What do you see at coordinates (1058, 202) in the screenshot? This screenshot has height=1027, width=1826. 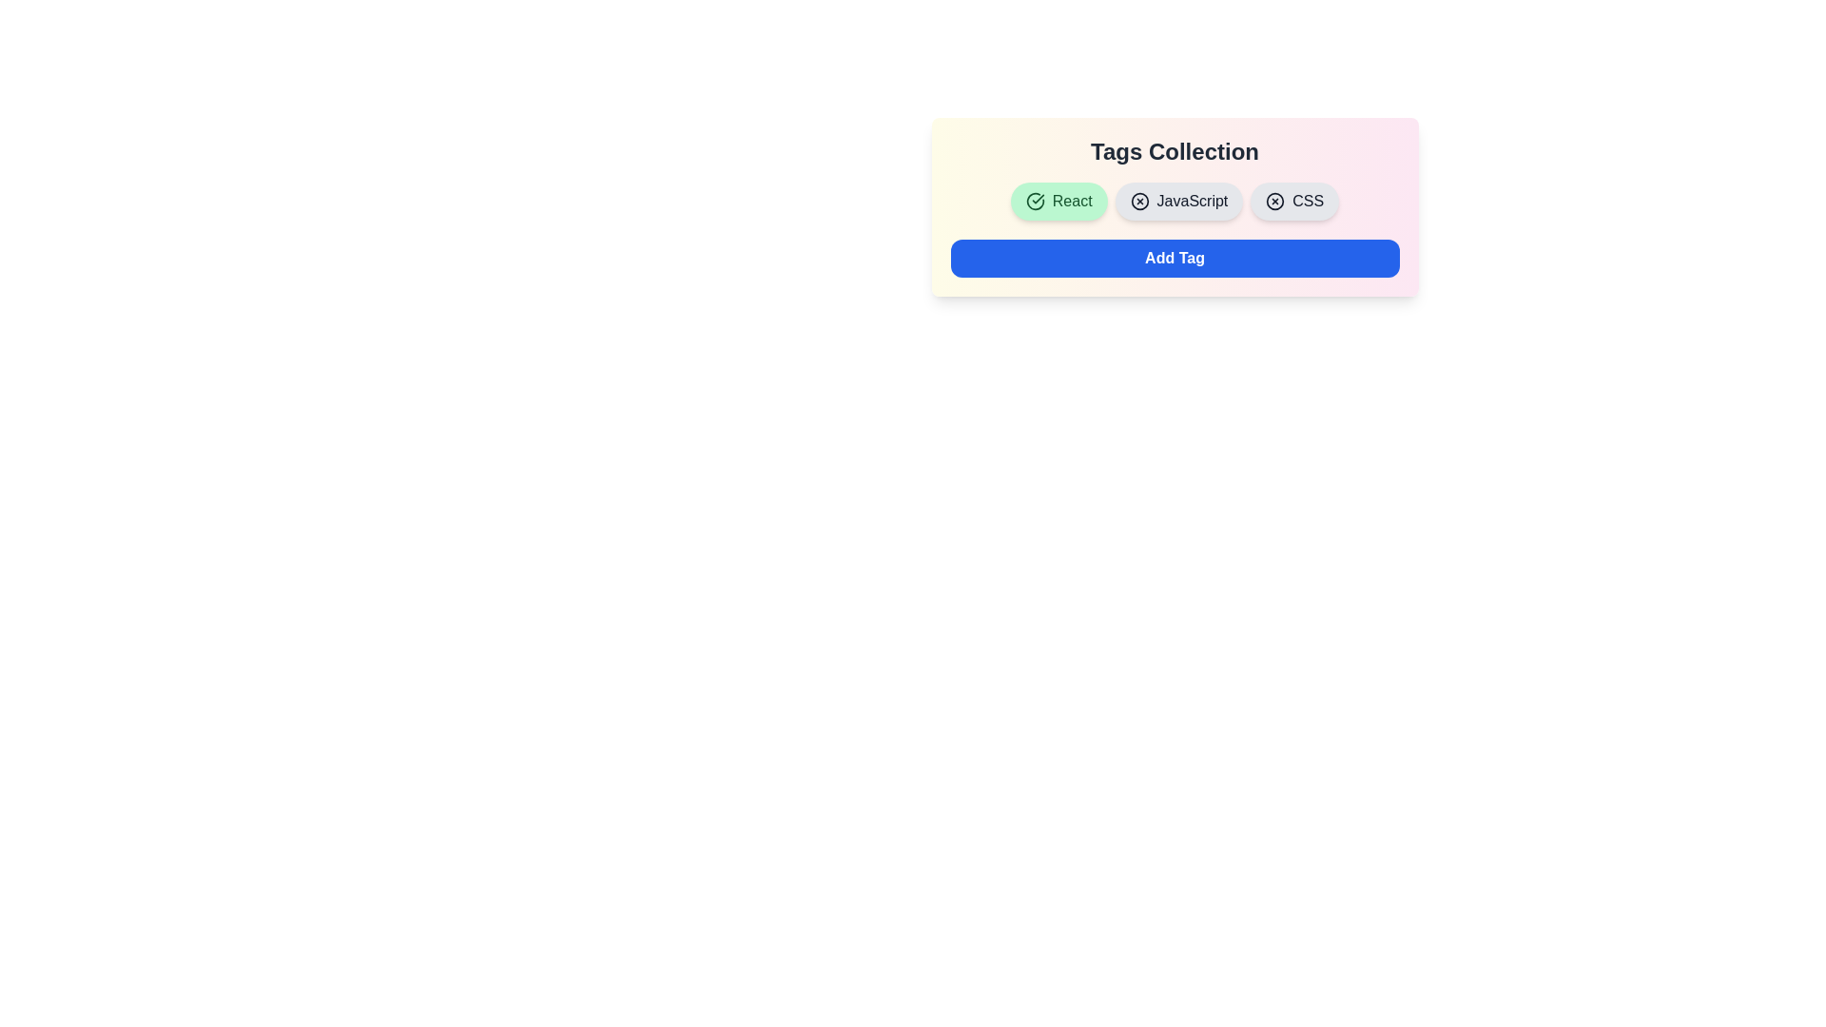 I see `the tag labeled React` at bounding box center [1058, 202].